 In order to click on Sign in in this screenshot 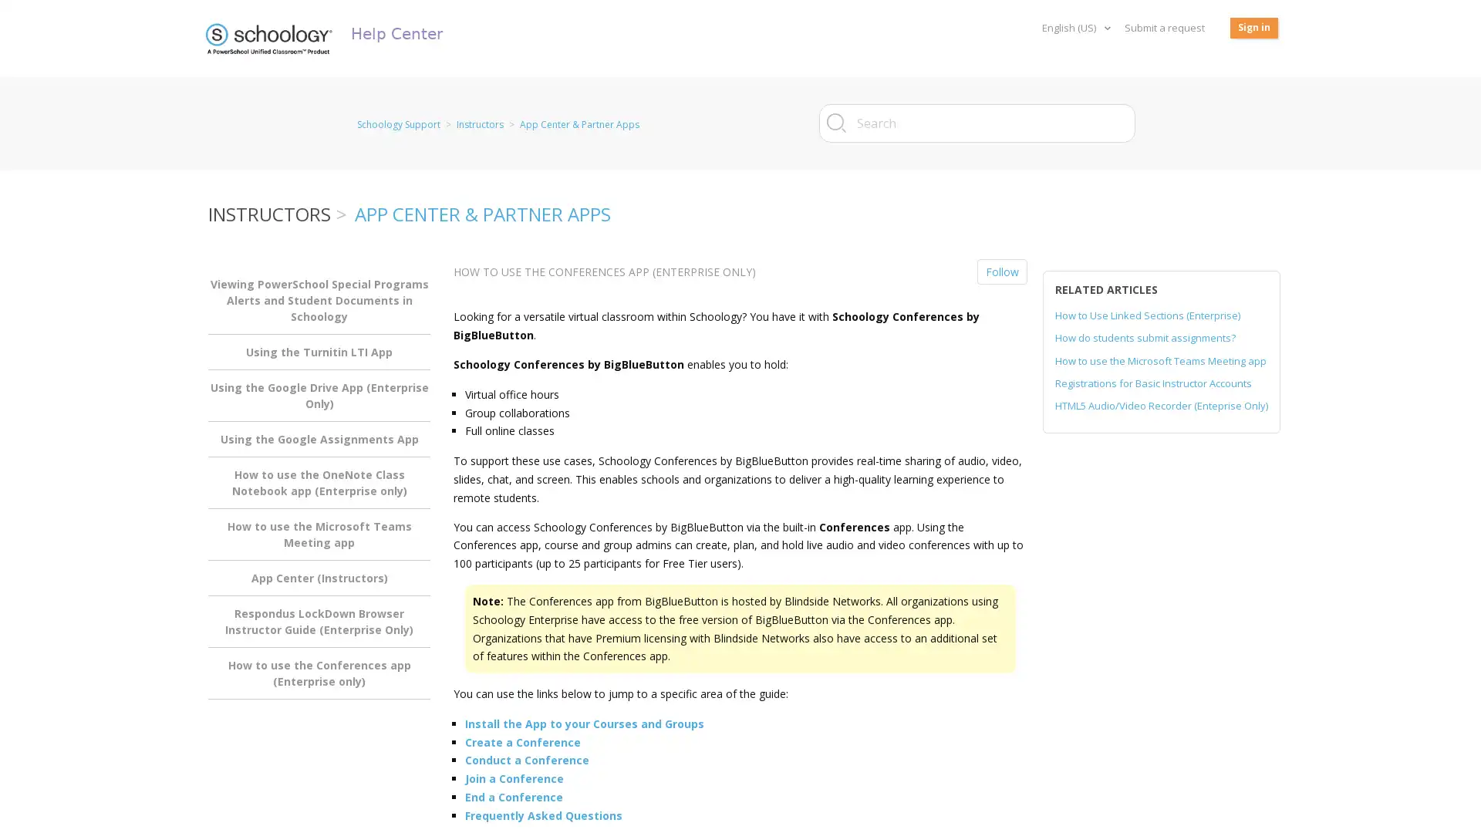, I will do `click(1254, 28)`.